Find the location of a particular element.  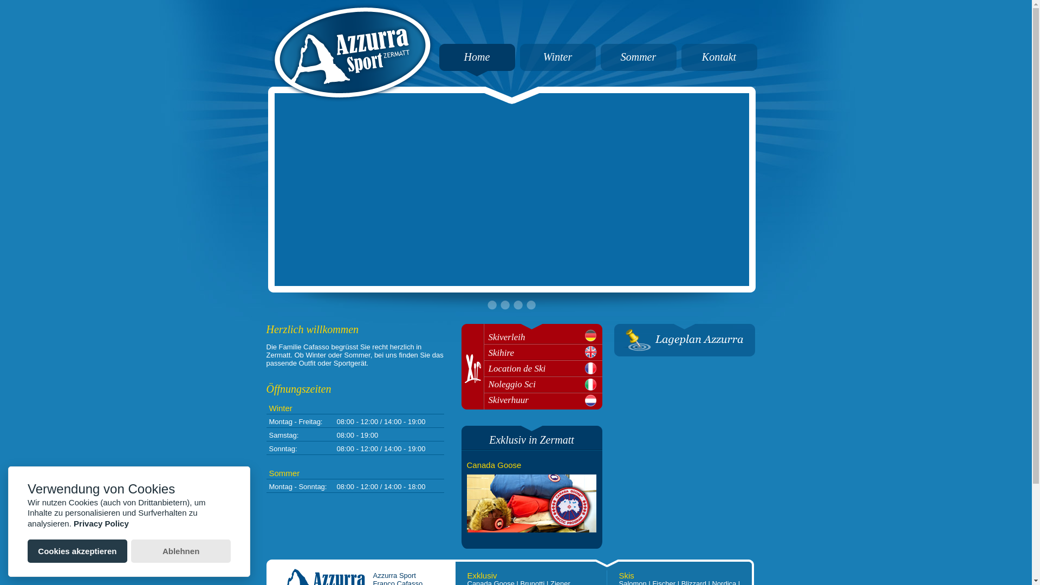

'Sommer' is located at coordinates (638, 66).